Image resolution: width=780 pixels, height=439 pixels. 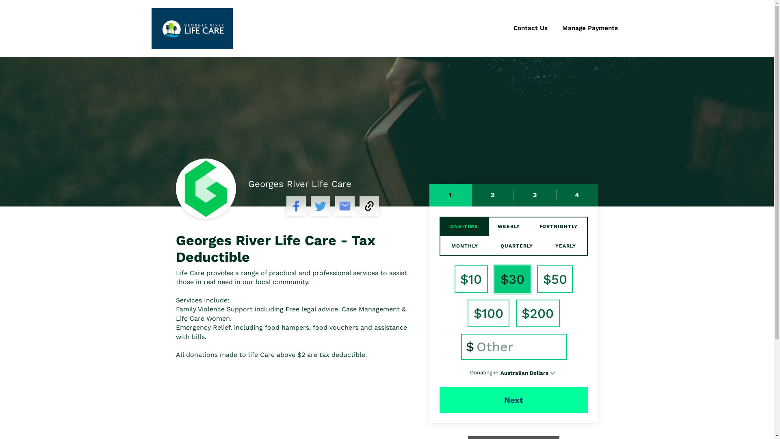 I want to click on 'ONE-TIME', so click(x=464, y=226).